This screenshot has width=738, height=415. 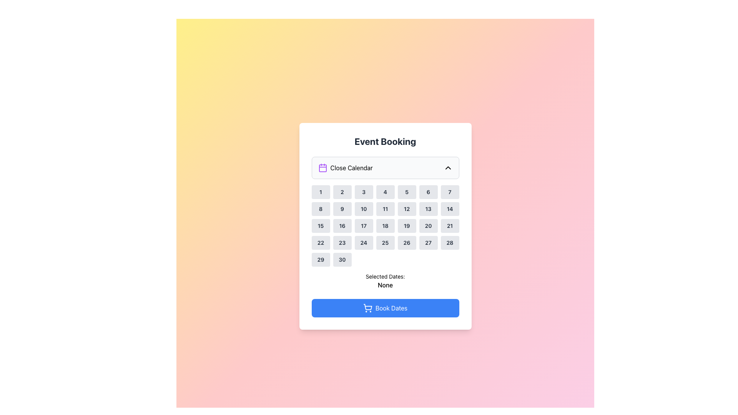 I want to click on the date selection button for '16' in the calendar interface, so click(x=342, y=225).